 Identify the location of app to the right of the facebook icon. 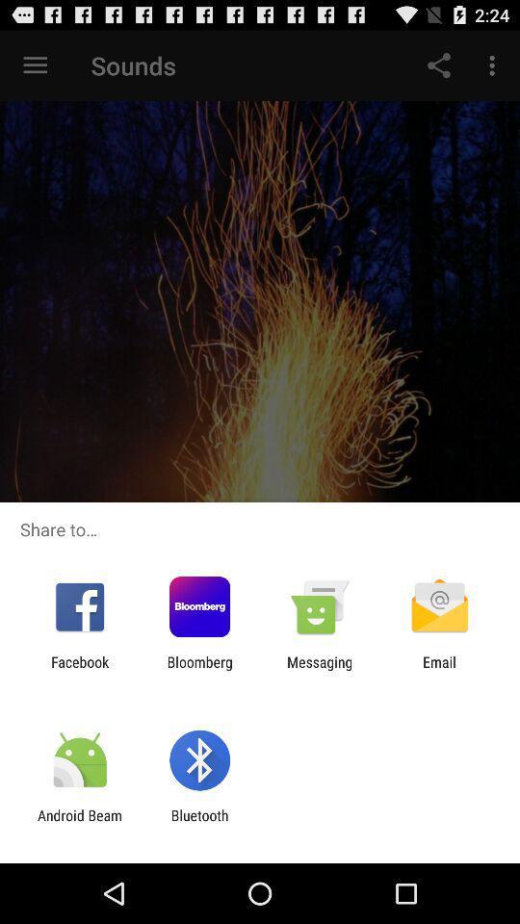
(198, 670).